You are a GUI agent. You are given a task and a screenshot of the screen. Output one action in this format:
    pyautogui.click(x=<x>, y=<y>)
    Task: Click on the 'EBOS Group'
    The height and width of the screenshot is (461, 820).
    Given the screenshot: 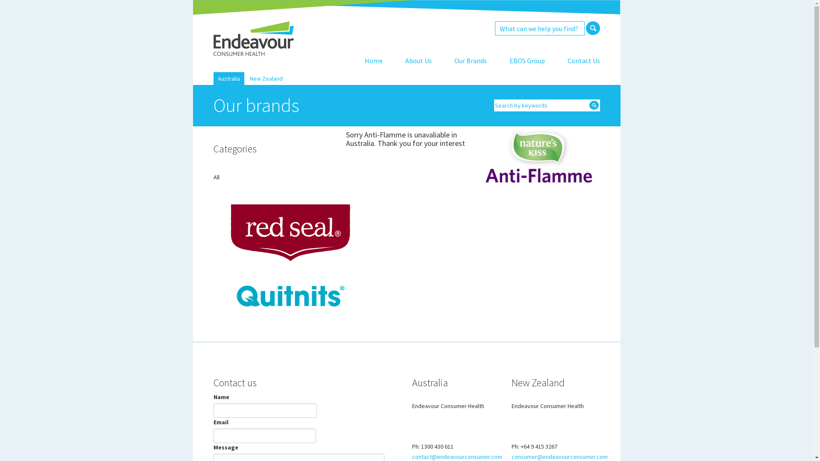 What is the action you would take?
    pyautogui.click(x=527, y=60)
    